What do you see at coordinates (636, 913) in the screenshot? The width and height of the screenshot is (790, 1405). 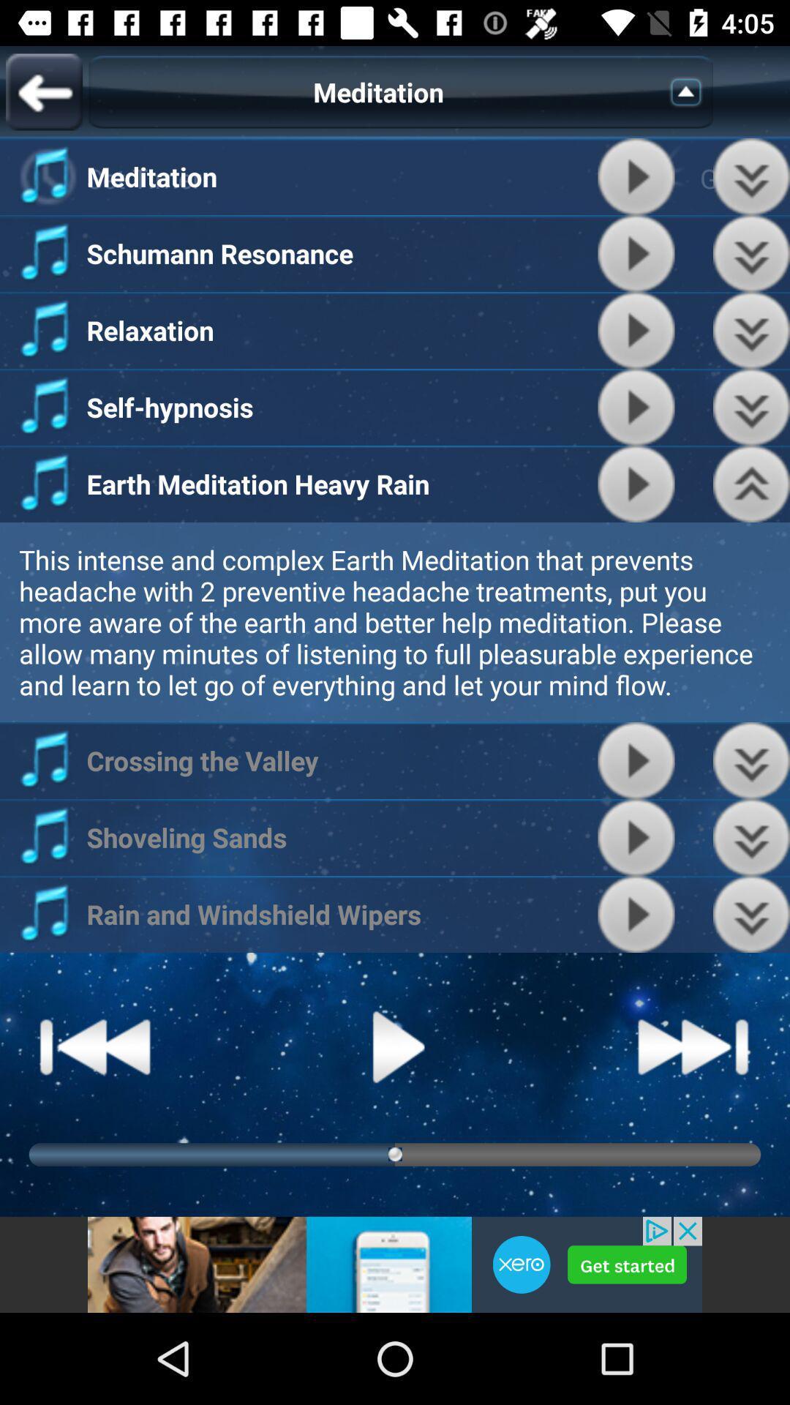 I see `tap to play` at bounding box center [636, 913].